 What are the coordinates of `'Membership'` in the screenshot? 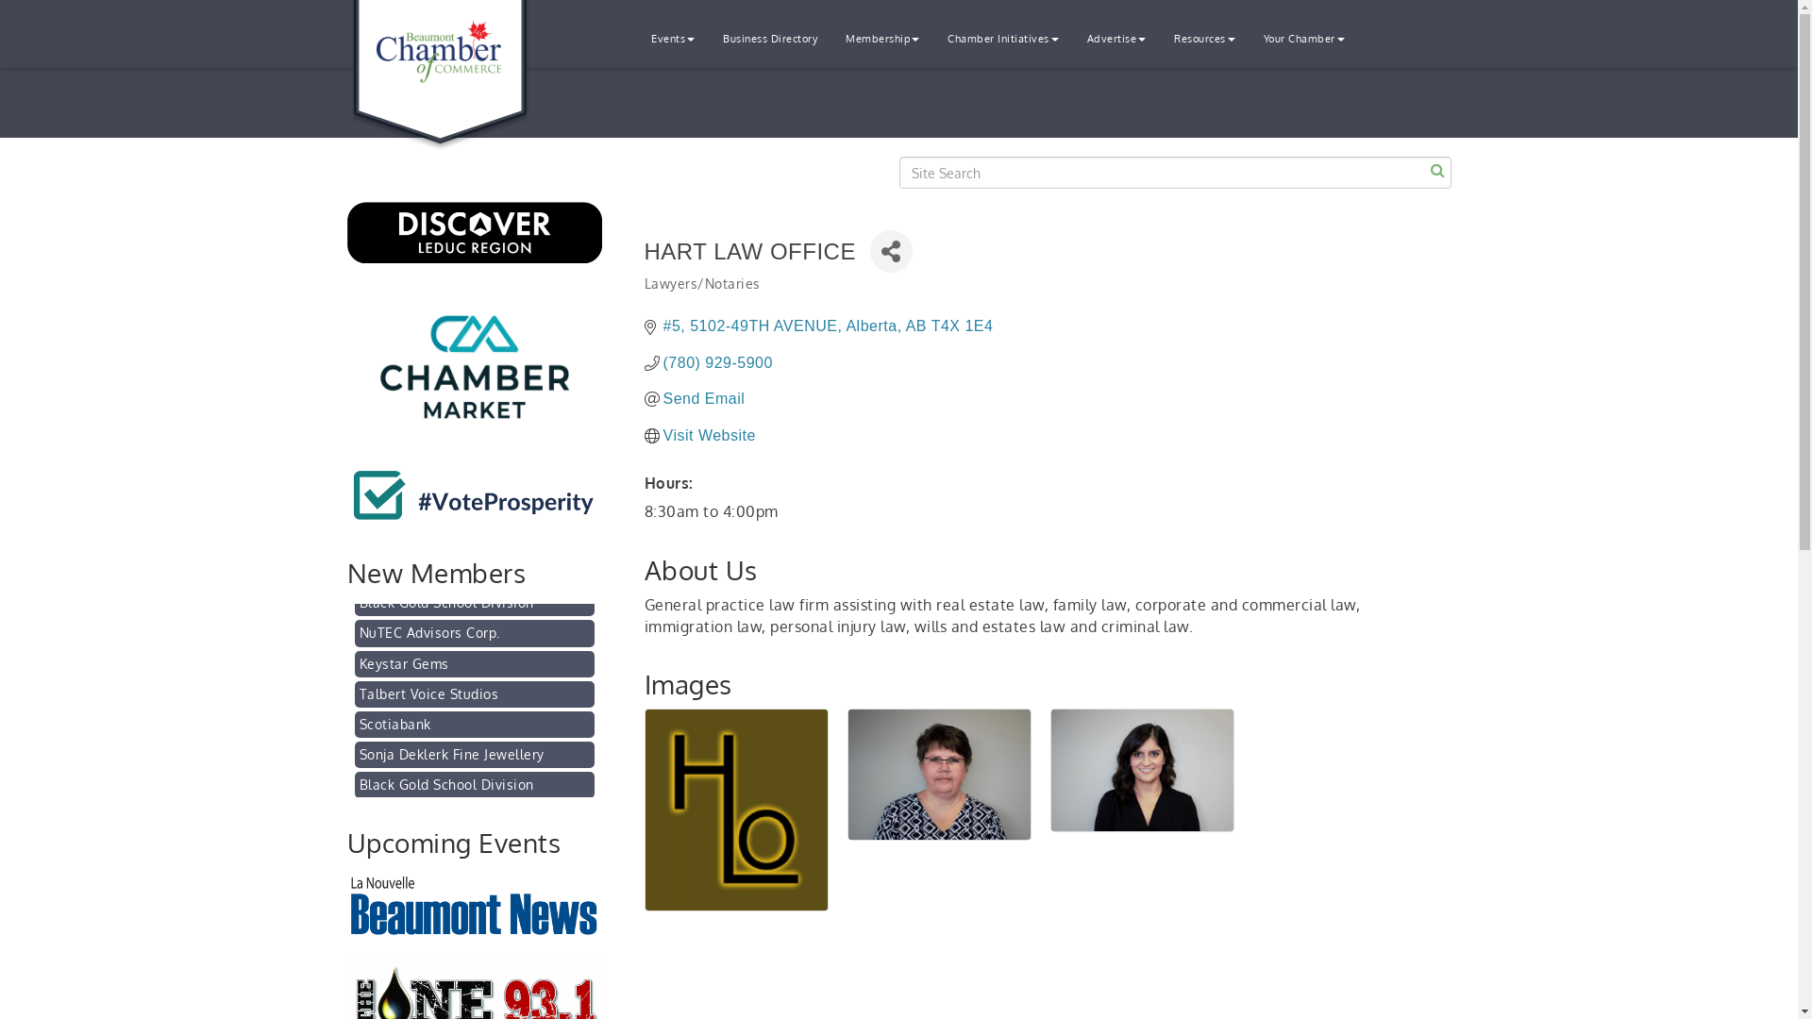 It's located at (881, 39).